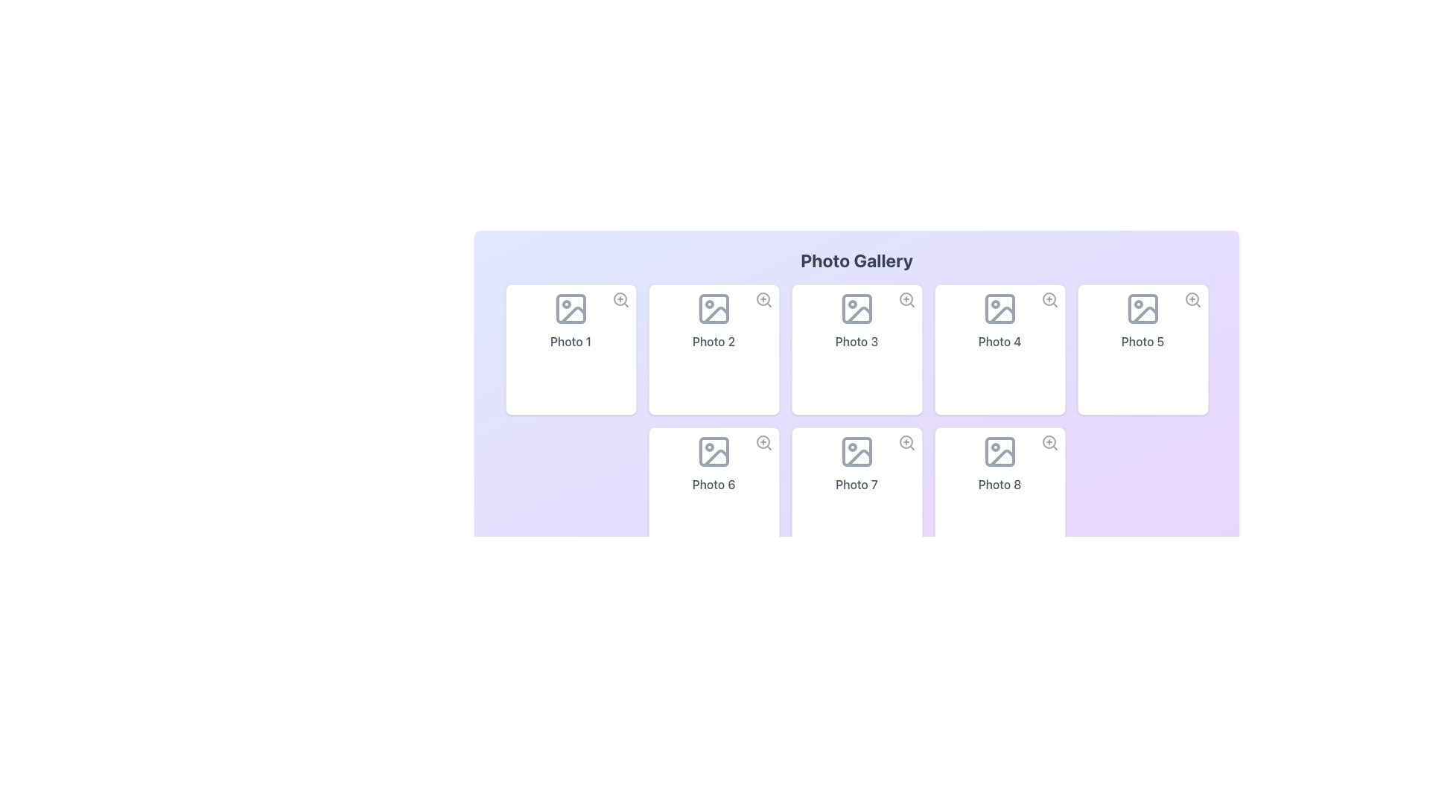  What do you see at coordinates (857, 485) in the screenshot?
I see `the text label reading 'Photo 7' located at the bottom center of the seventh card in a grid of photo cards` at bounding box center [857, 485].